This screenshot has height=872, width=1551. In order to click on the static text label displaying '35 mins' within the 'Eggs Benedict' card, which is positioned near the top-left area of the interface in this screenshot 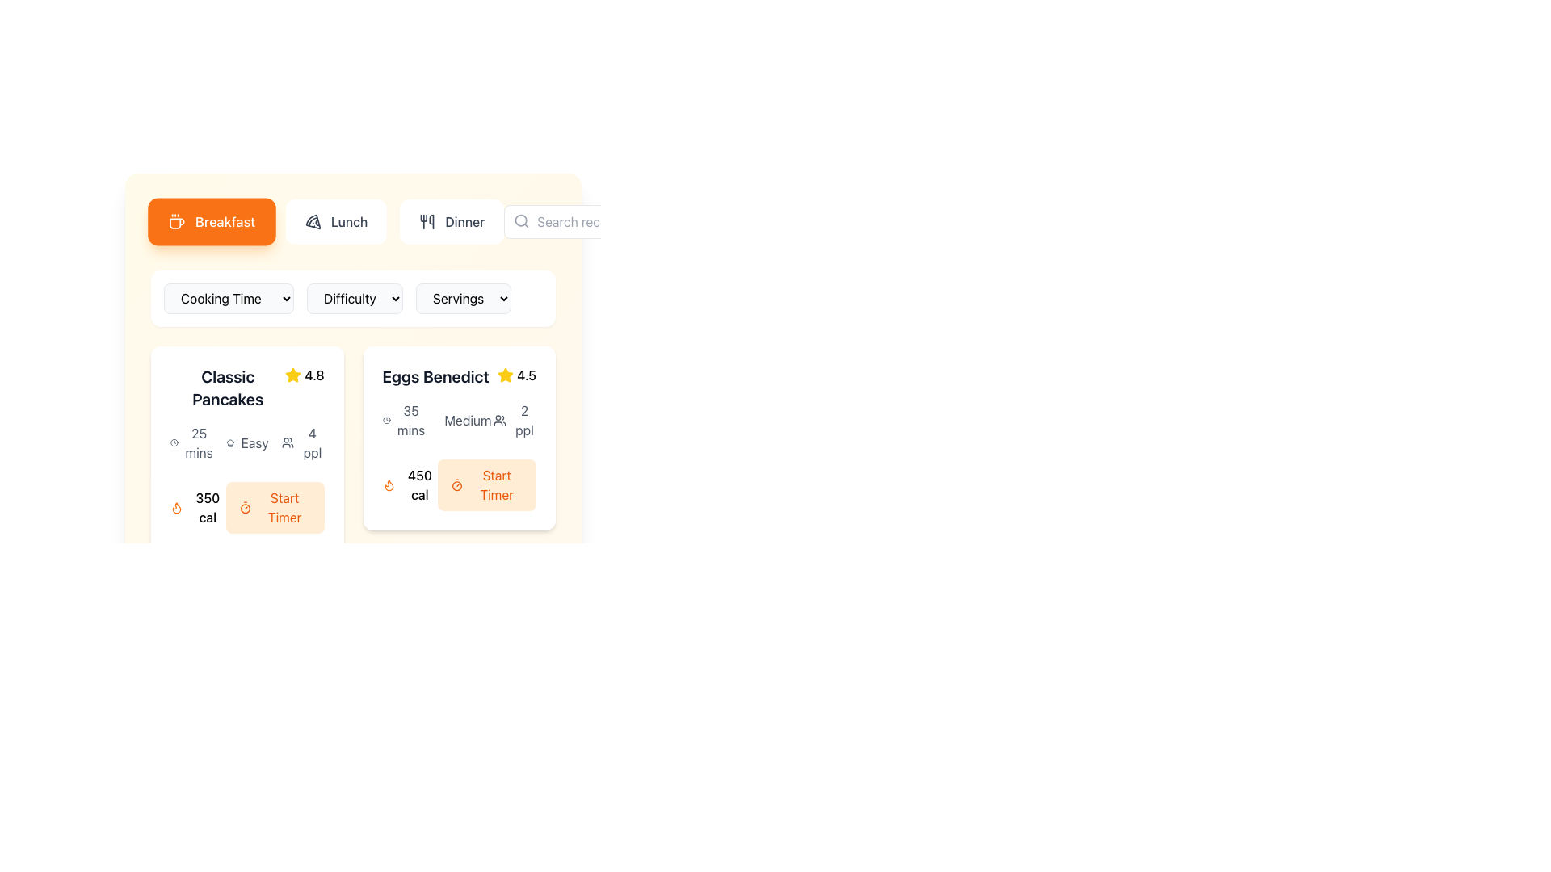, I will do `click(411, 419)`.